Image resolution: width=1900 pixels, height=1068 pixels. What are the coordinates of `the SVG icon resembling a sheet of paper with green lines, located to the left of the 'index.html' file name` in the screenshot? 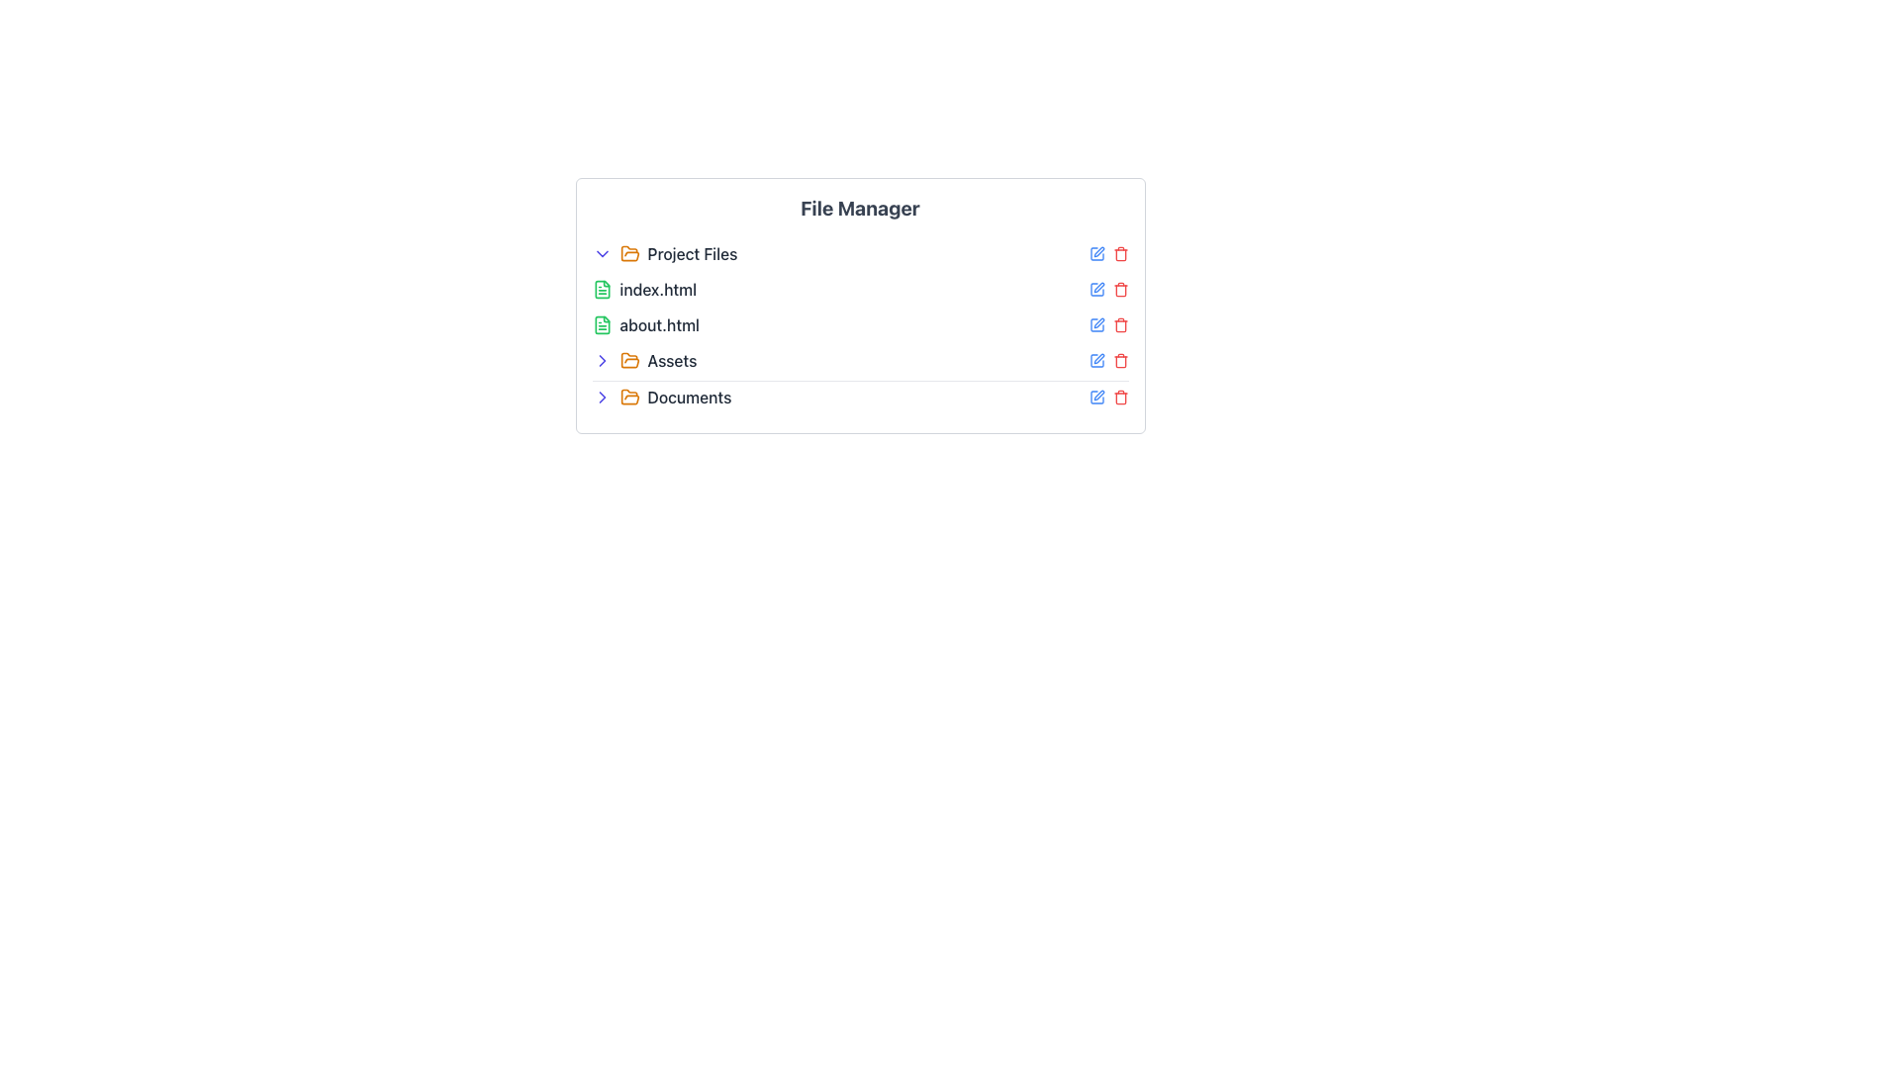 It's located at (601, 290).